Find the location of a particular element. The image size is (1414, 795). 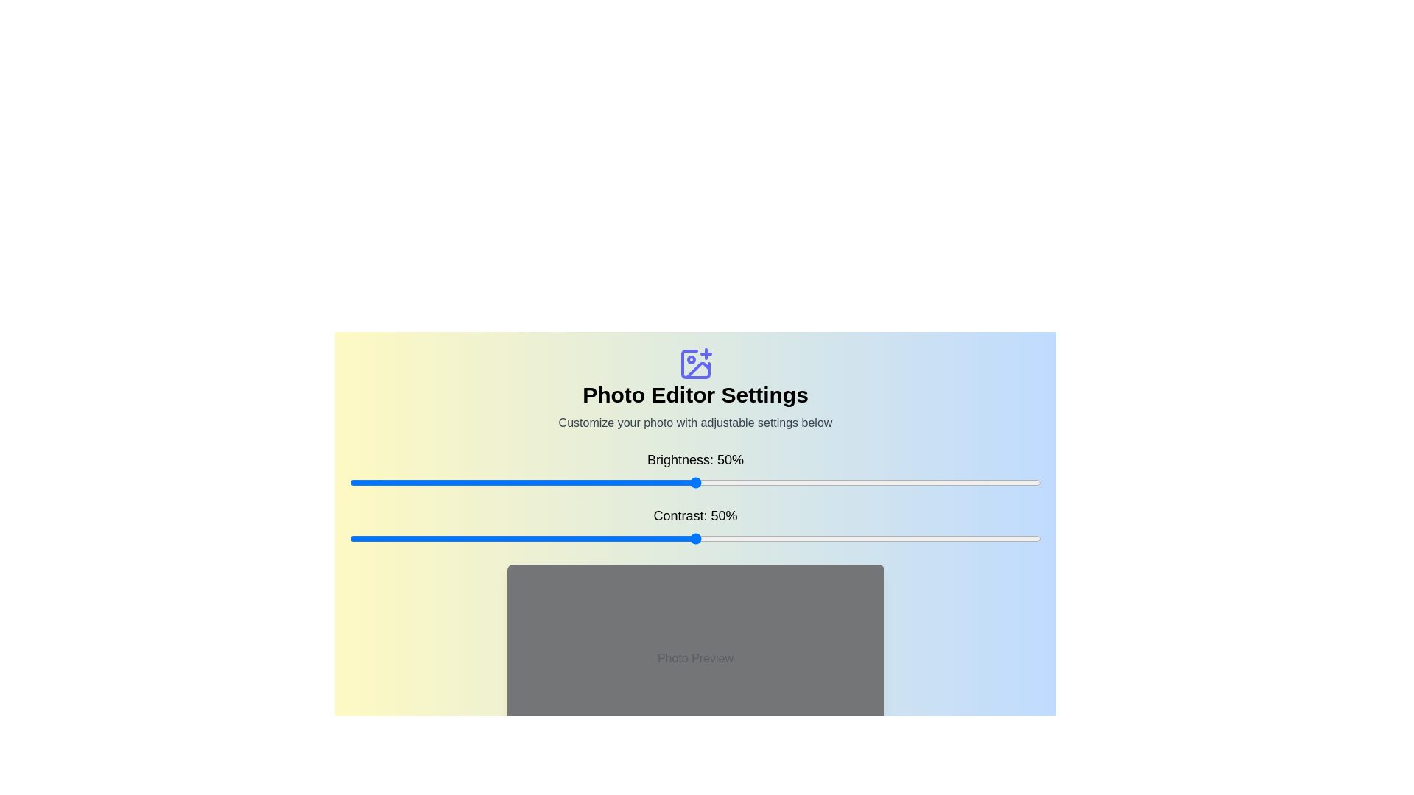

the photo preview area to focus or select it is located at coordinates (694, 657).